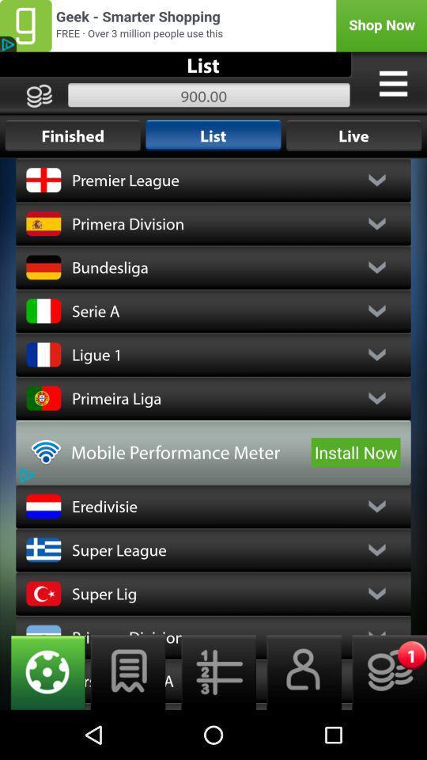  I want to click on show the menu options, so click(392, 83).